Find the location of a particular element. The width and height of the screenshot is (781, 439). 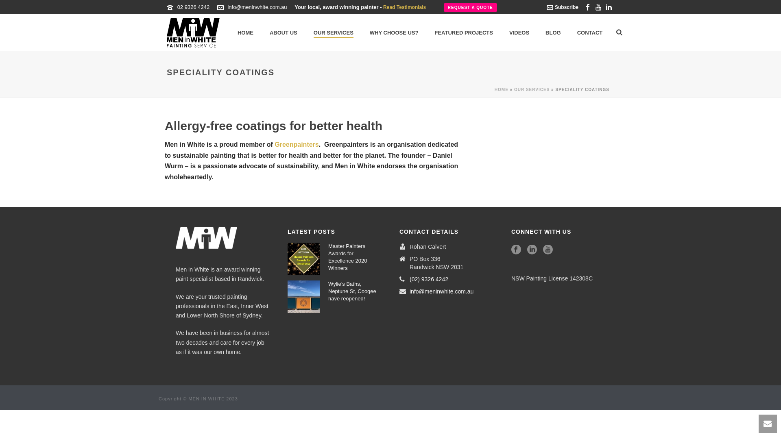

'CONTACT' is located at coordinates (590, 33).